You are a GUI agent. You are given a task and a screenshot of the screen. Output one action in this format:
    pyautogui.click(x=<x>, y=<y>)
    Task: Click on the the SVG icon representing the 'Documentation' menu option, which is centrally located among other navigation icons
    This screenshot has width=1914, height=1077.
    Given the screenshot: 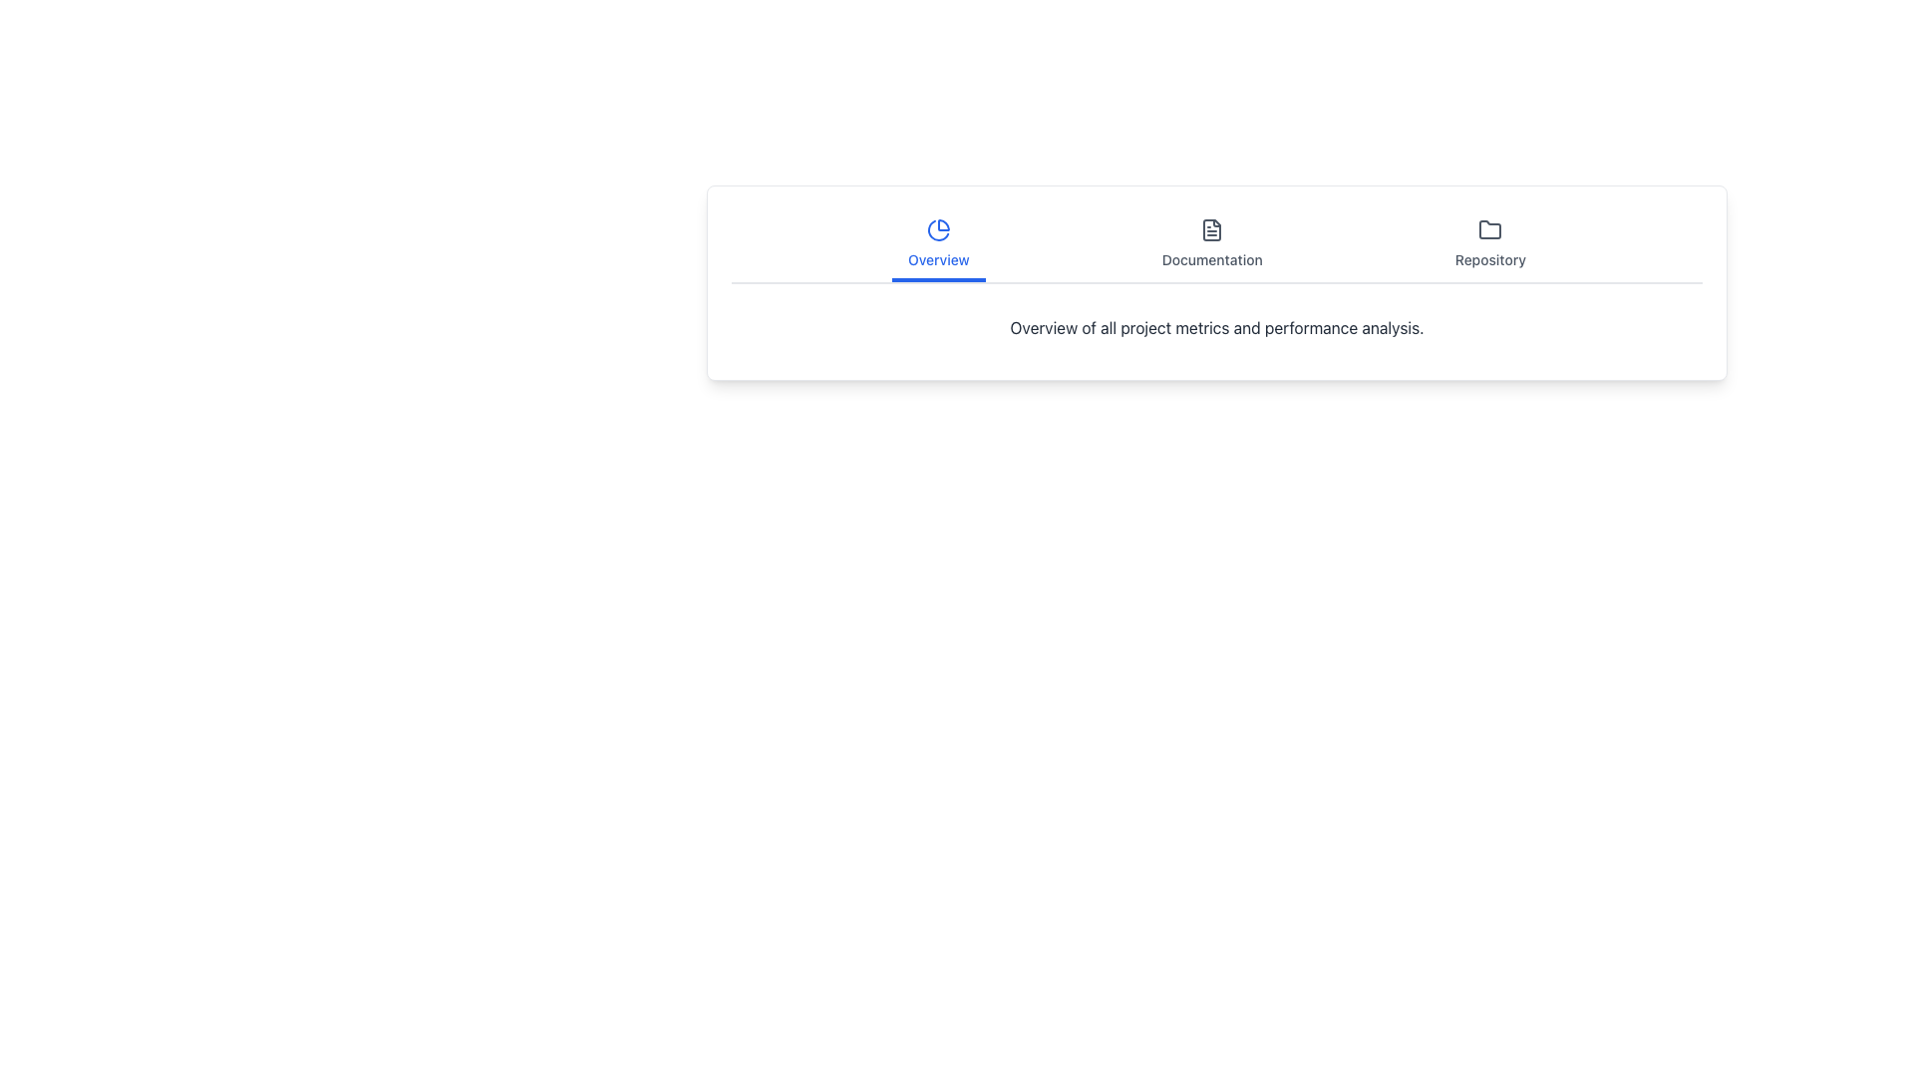 What is the action you would take?
    pyautogui.click(x=1211, y=229)
    